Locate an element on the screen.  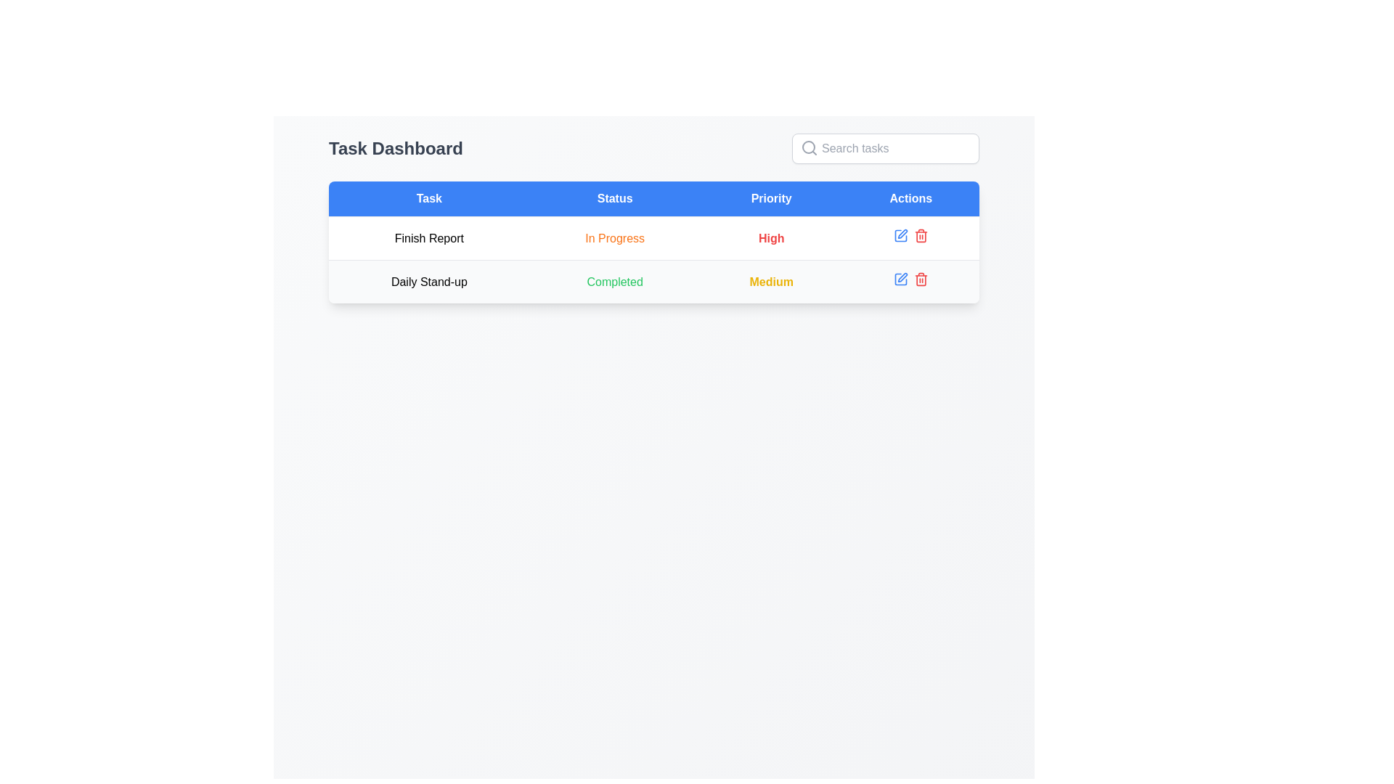
the text label displaying 'Finish Report' in the task dashboard's first row under the 'Task' column is located at coordinates (428, 237).